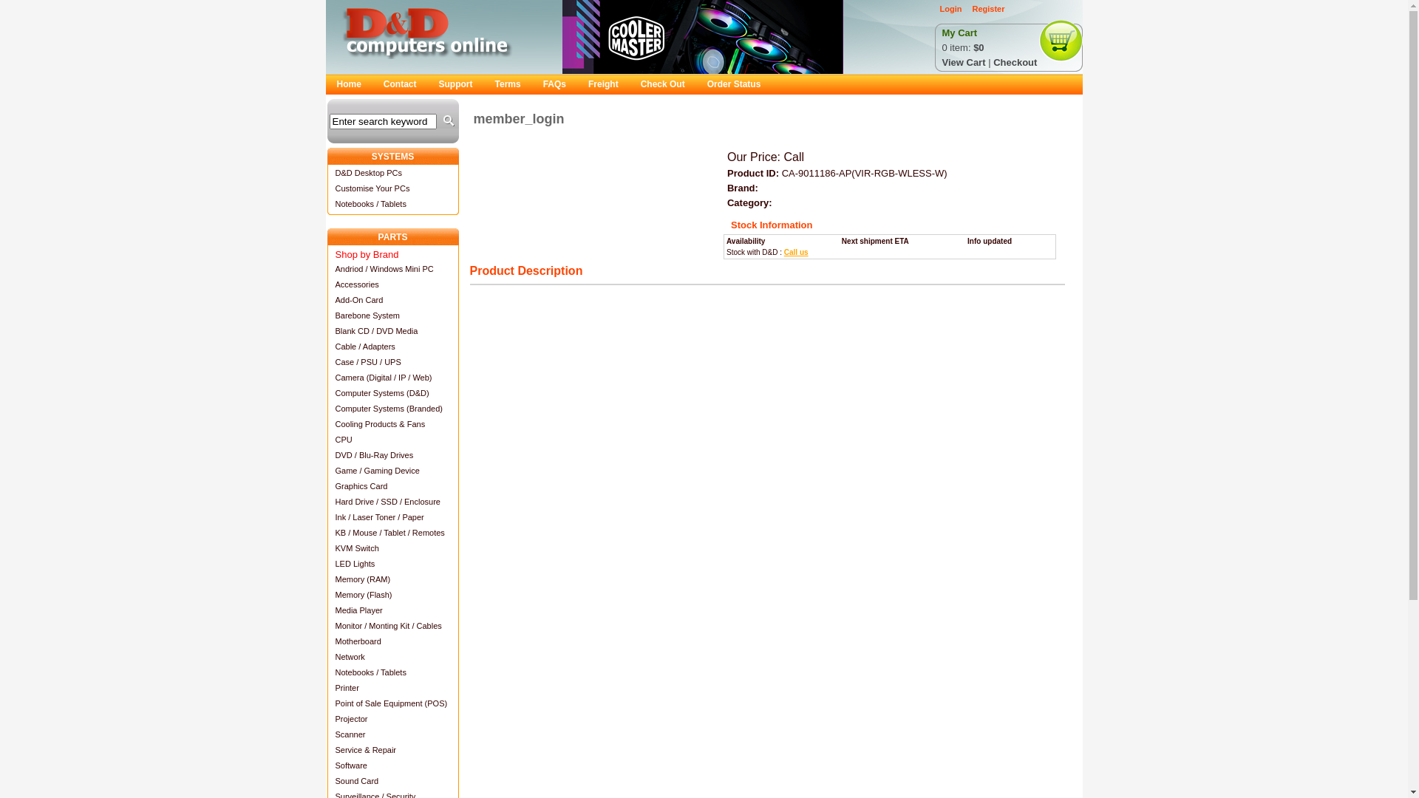  I want to click on 'Contact', so click(400, 84).